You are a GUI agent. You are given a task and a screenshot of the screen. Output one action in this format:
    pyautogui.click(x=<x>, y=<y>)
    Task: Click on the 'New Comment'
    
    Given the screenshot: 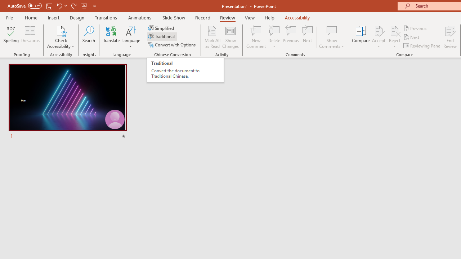 What is the action you would take?
    pyautogui.click(x=256, y=37)
    